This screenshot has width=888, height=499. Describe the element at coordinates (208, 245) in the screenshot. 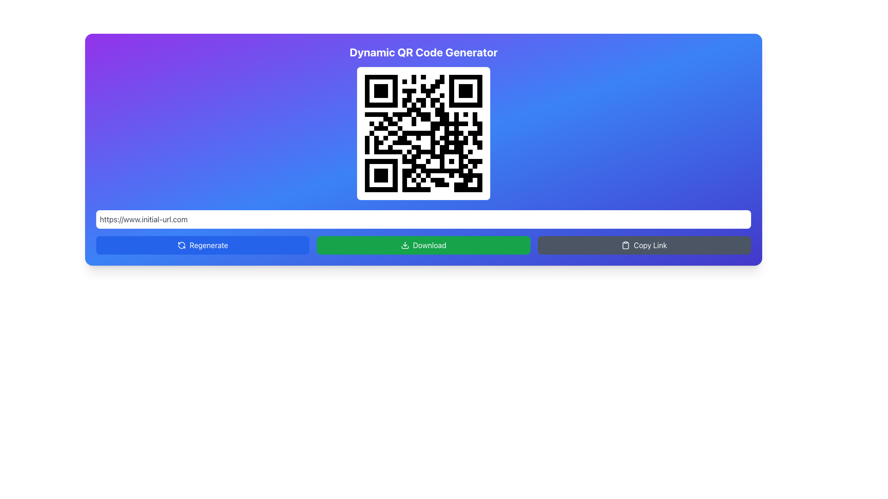

I see `the 'Regenerate' text label within the button component` at that location.